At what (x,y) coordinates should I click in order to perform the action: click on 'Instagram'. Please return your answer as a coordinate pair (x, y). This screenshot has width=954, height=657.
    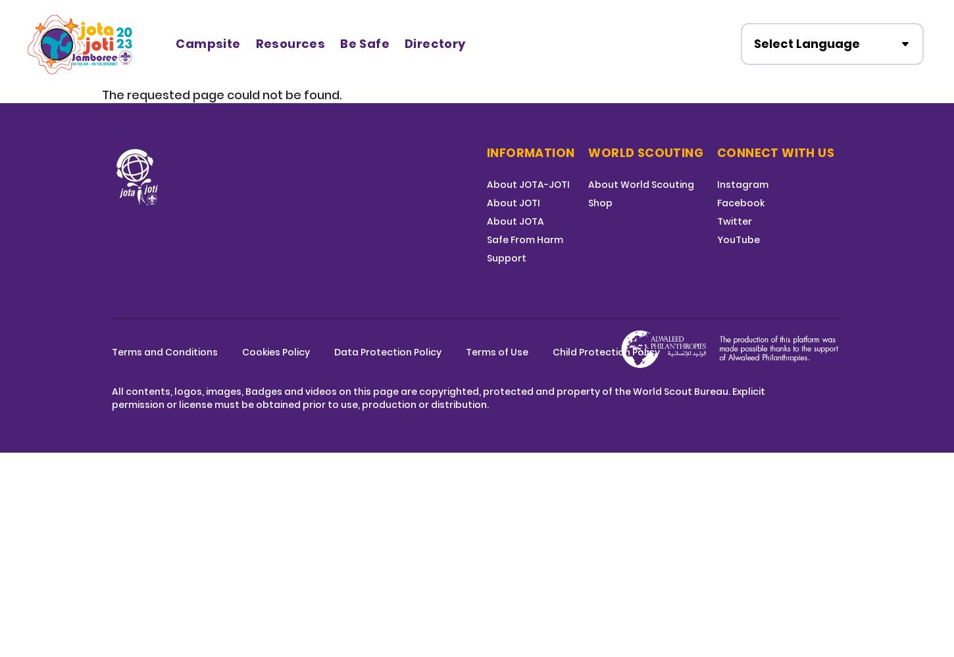
    Looking at the image, I should click on (716, 185).